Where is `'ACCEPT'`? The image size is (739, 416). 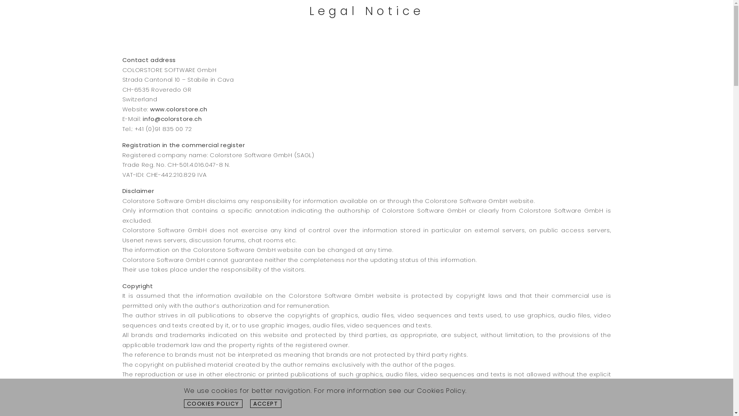
'ACCEPT' is located at coordinates (250, 403).